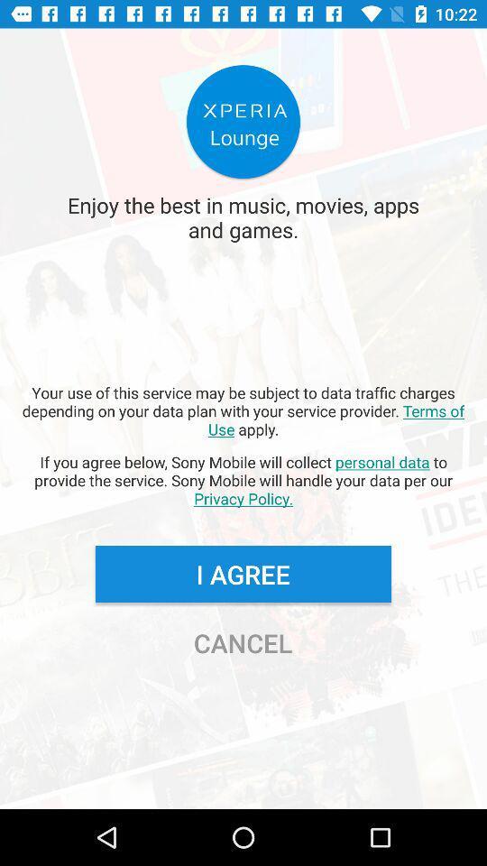  I want to click on the button above cancel button, so click(243, 573).